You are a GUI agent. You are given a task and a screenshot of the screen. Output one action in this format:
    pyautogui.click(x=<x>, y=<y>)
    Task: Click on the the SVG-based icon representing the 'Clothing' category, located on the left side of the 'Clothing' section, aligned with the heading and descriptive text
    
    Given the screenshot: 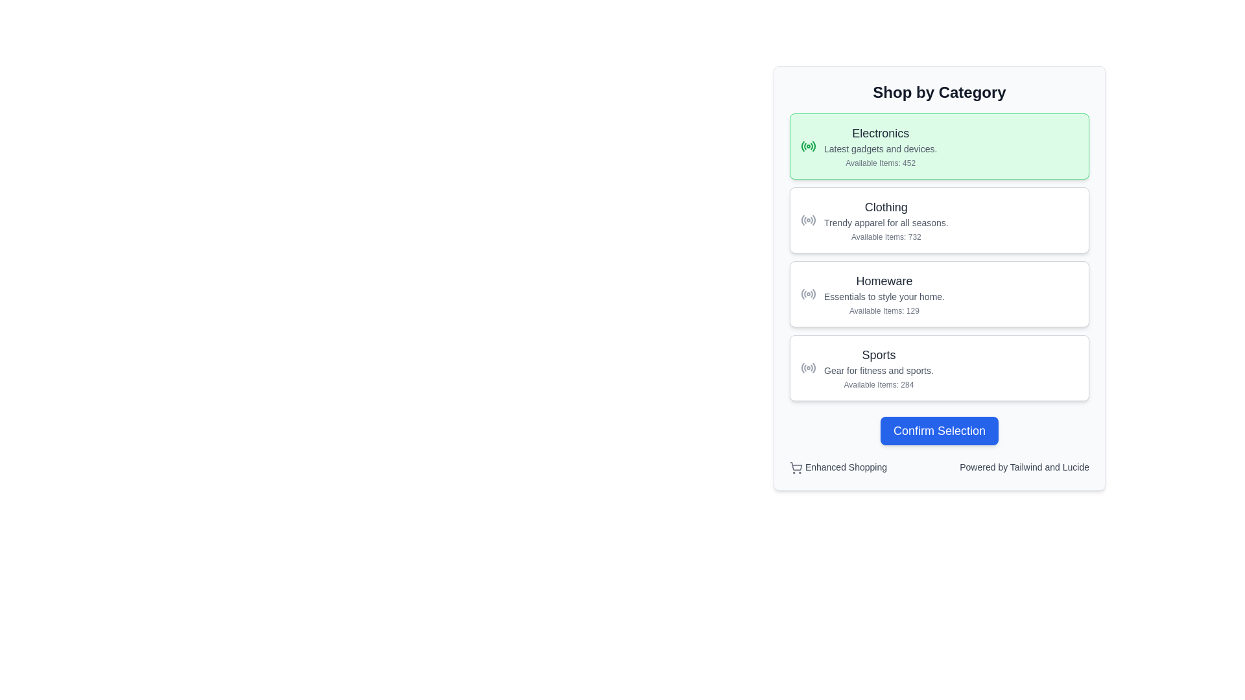 What is the action you would take?
    pyautogui.click(x=808, y=219)
    